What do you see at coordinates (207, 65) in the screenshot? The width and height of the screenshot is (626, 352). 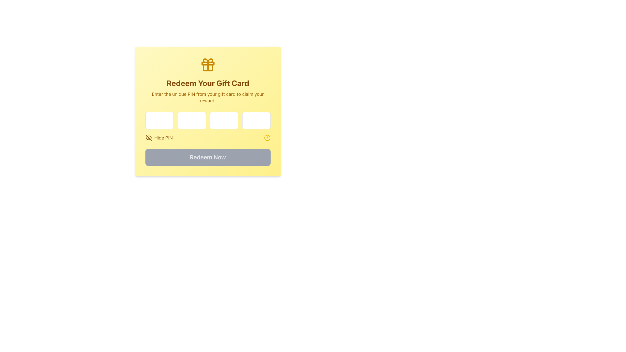 I see `the decorative icon that symbolizes redeeming or receiving a gift, which is centrally positioned within the yellow panel above the title 'Redeem Your Gift Card'` at bounding box center [207, 65].